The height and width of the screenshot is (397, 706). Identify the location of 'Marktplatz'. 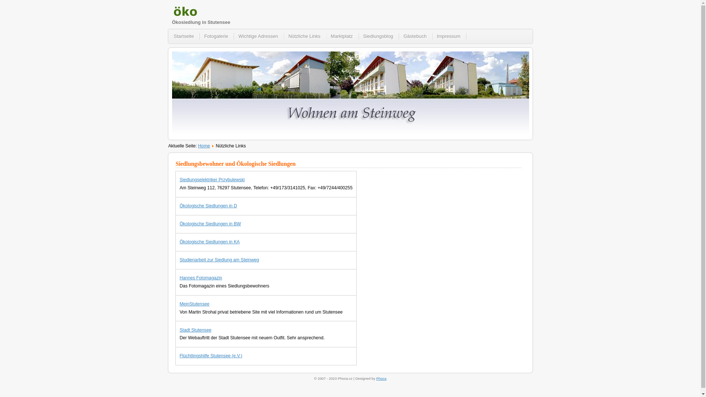
(326, 36).